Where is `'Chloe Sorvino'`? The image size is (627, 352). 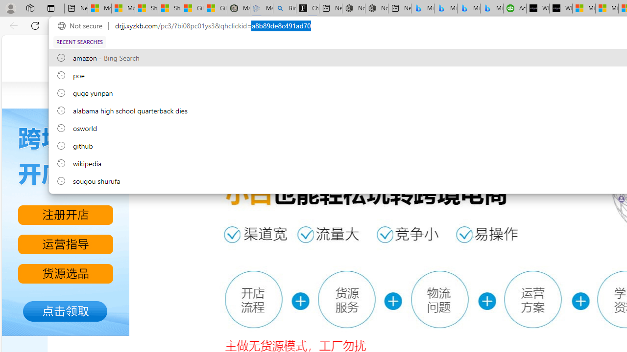
'Chloe Sorvino' is located at coordinates (307, 8).